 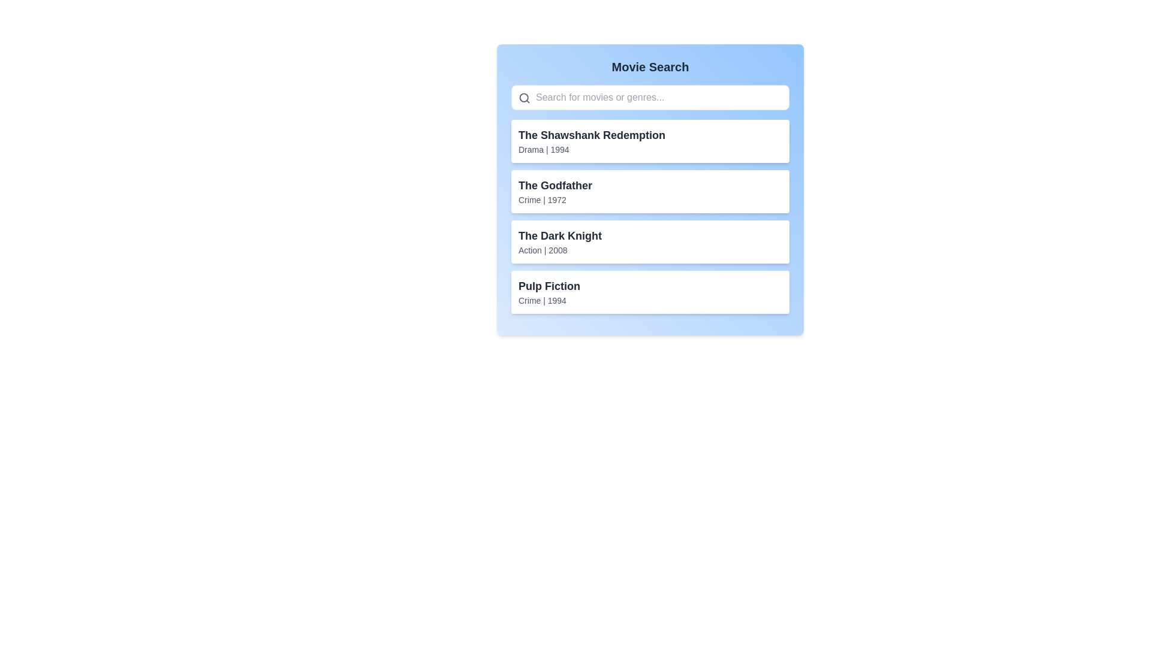 What do you see at coordinates (555, 199) in the screenshot?
I see `the informational text label that provides details about the genre and release year of the movie 'The Godfather', which is positioned directly beneath the title within the second entry of the movie list` at bounding box center [555, 199].